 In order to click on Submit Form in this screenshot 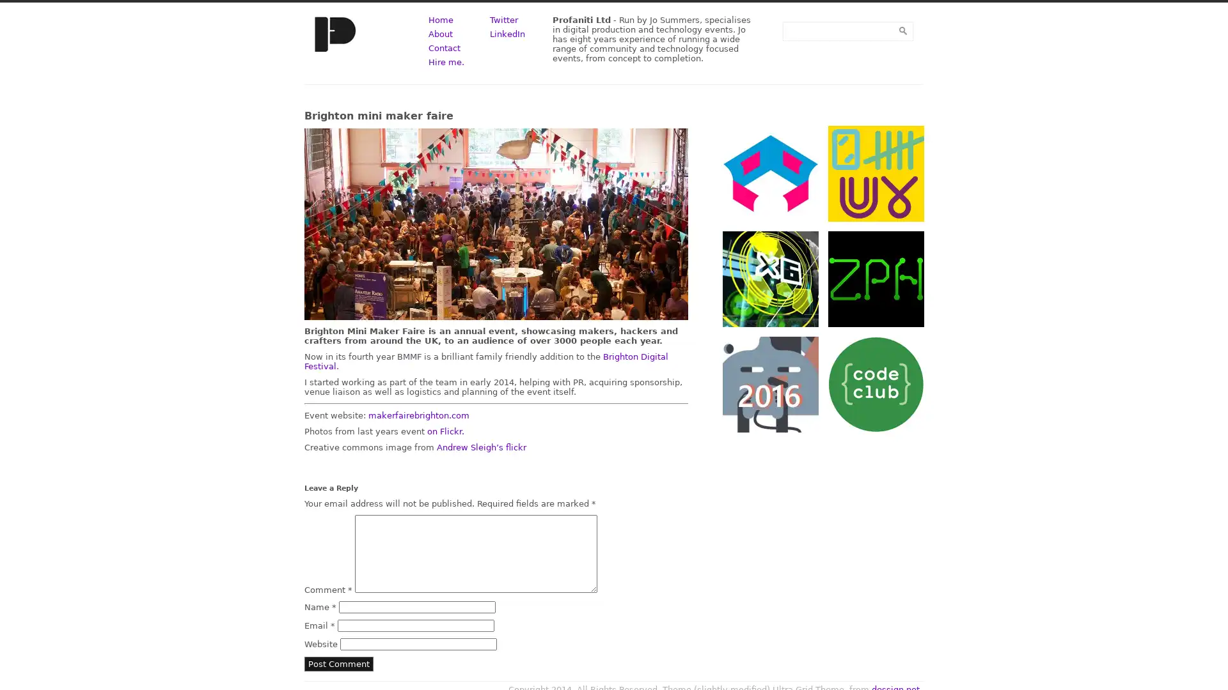, I will do `click(902, 30)`.